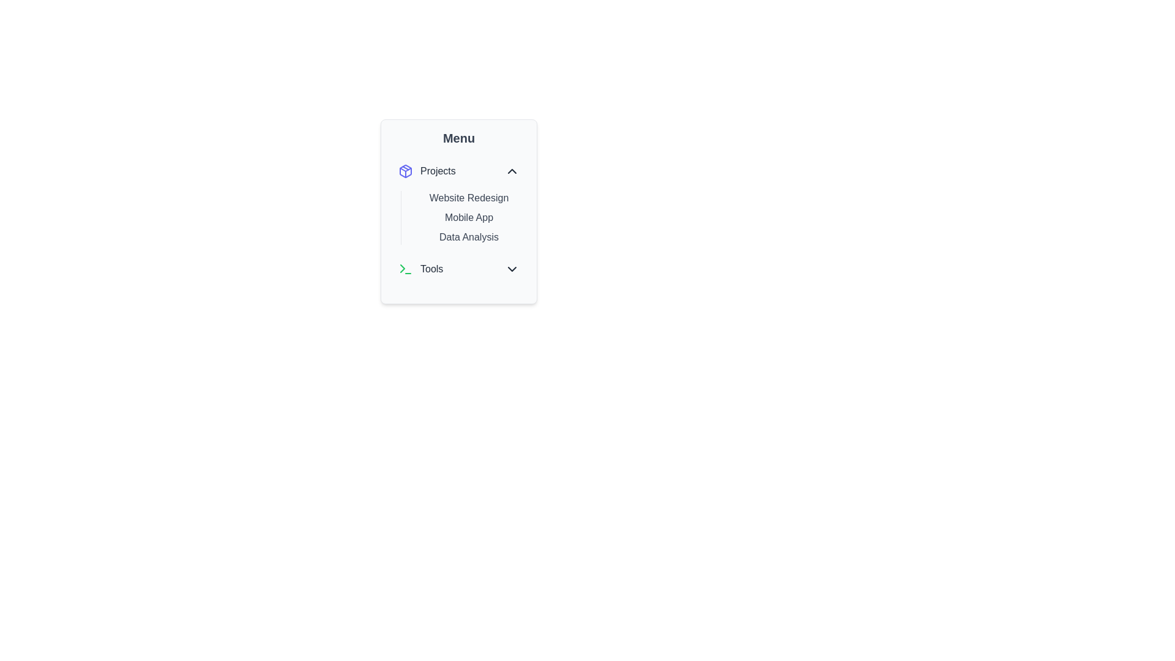 This screenshot has width=1175, height=661. What do you see at coordinates (468, 198) in the screenshot?
I see `the text label displaying 'Website Redesign' located under the 'Projects' section in the 'Menu'` at bounding box center [468, 198].